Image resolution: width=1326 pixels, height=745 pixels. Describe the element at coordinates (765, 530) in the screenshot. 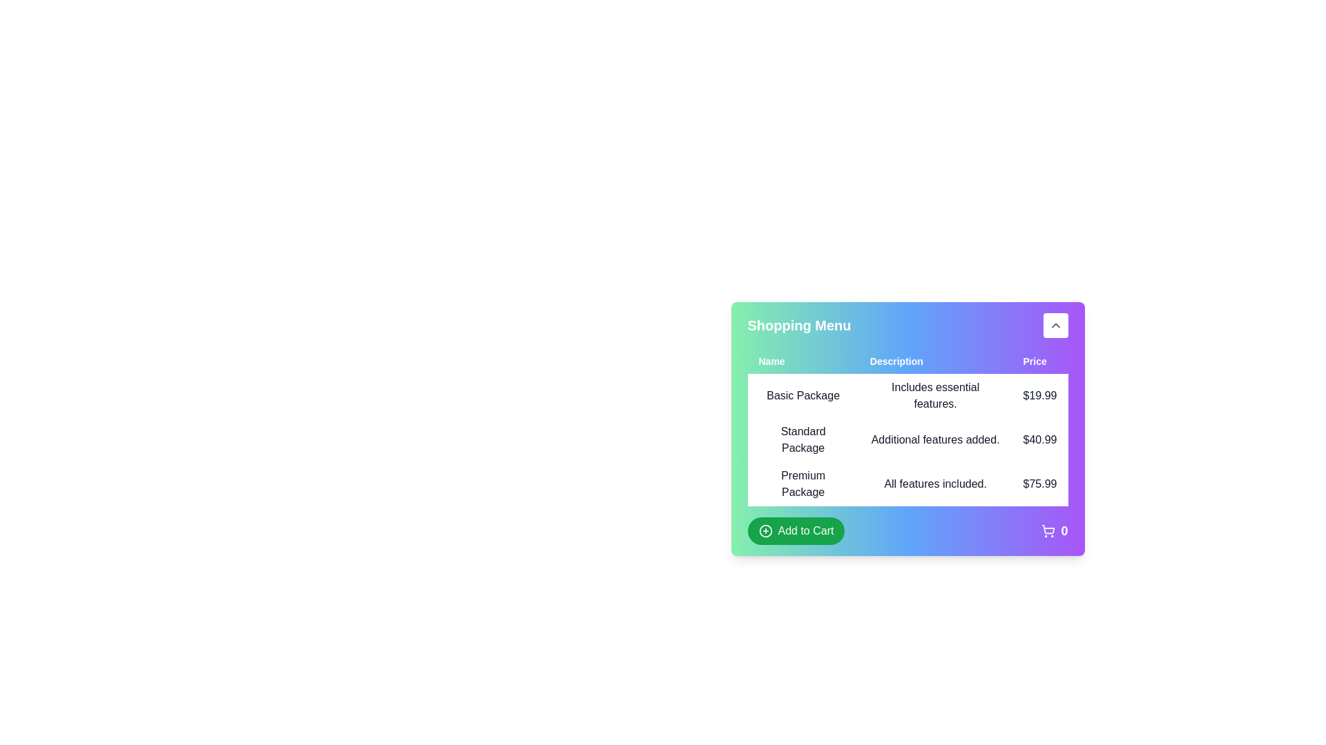

I see `the circular green-bordered icon with a plus sign, which is located within the 'Add to Cart' button at the bottom-left corner of the shopping menu interface` at that location.